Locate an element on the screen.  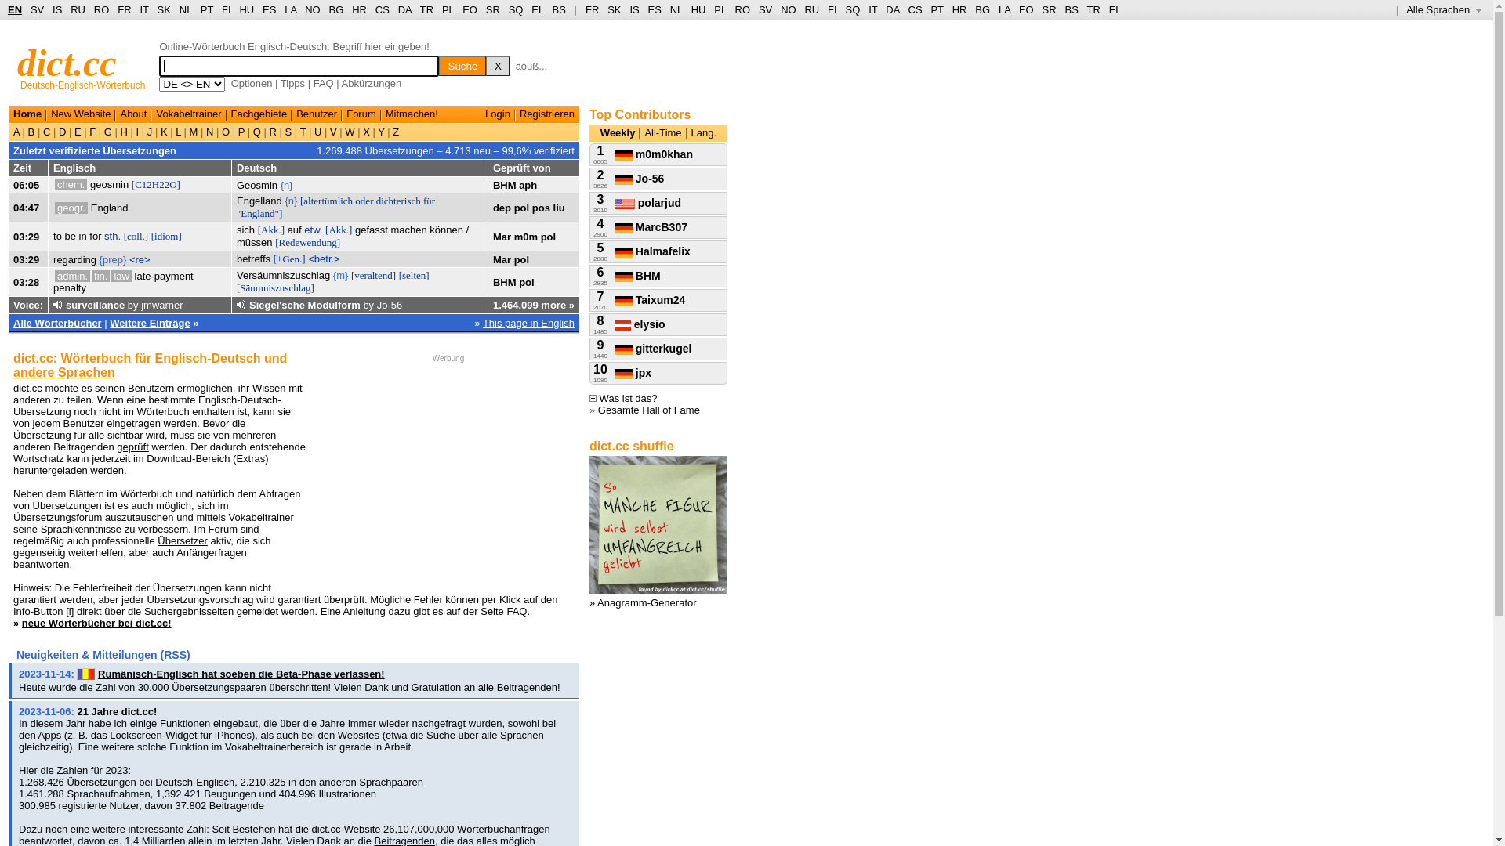
'CS' is located at coordinates (383, 9).